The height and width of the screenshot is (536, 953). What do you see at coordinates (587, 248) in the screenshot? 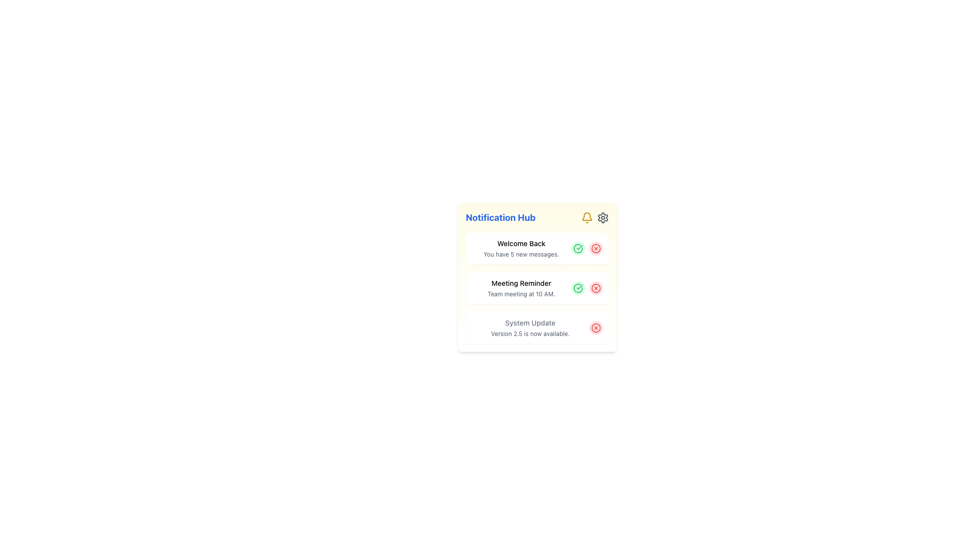
I see `the green circle icon with a checkmark located in the rightmost section of the 'Welcome Back' notification card` at bounding box center [587, 248].